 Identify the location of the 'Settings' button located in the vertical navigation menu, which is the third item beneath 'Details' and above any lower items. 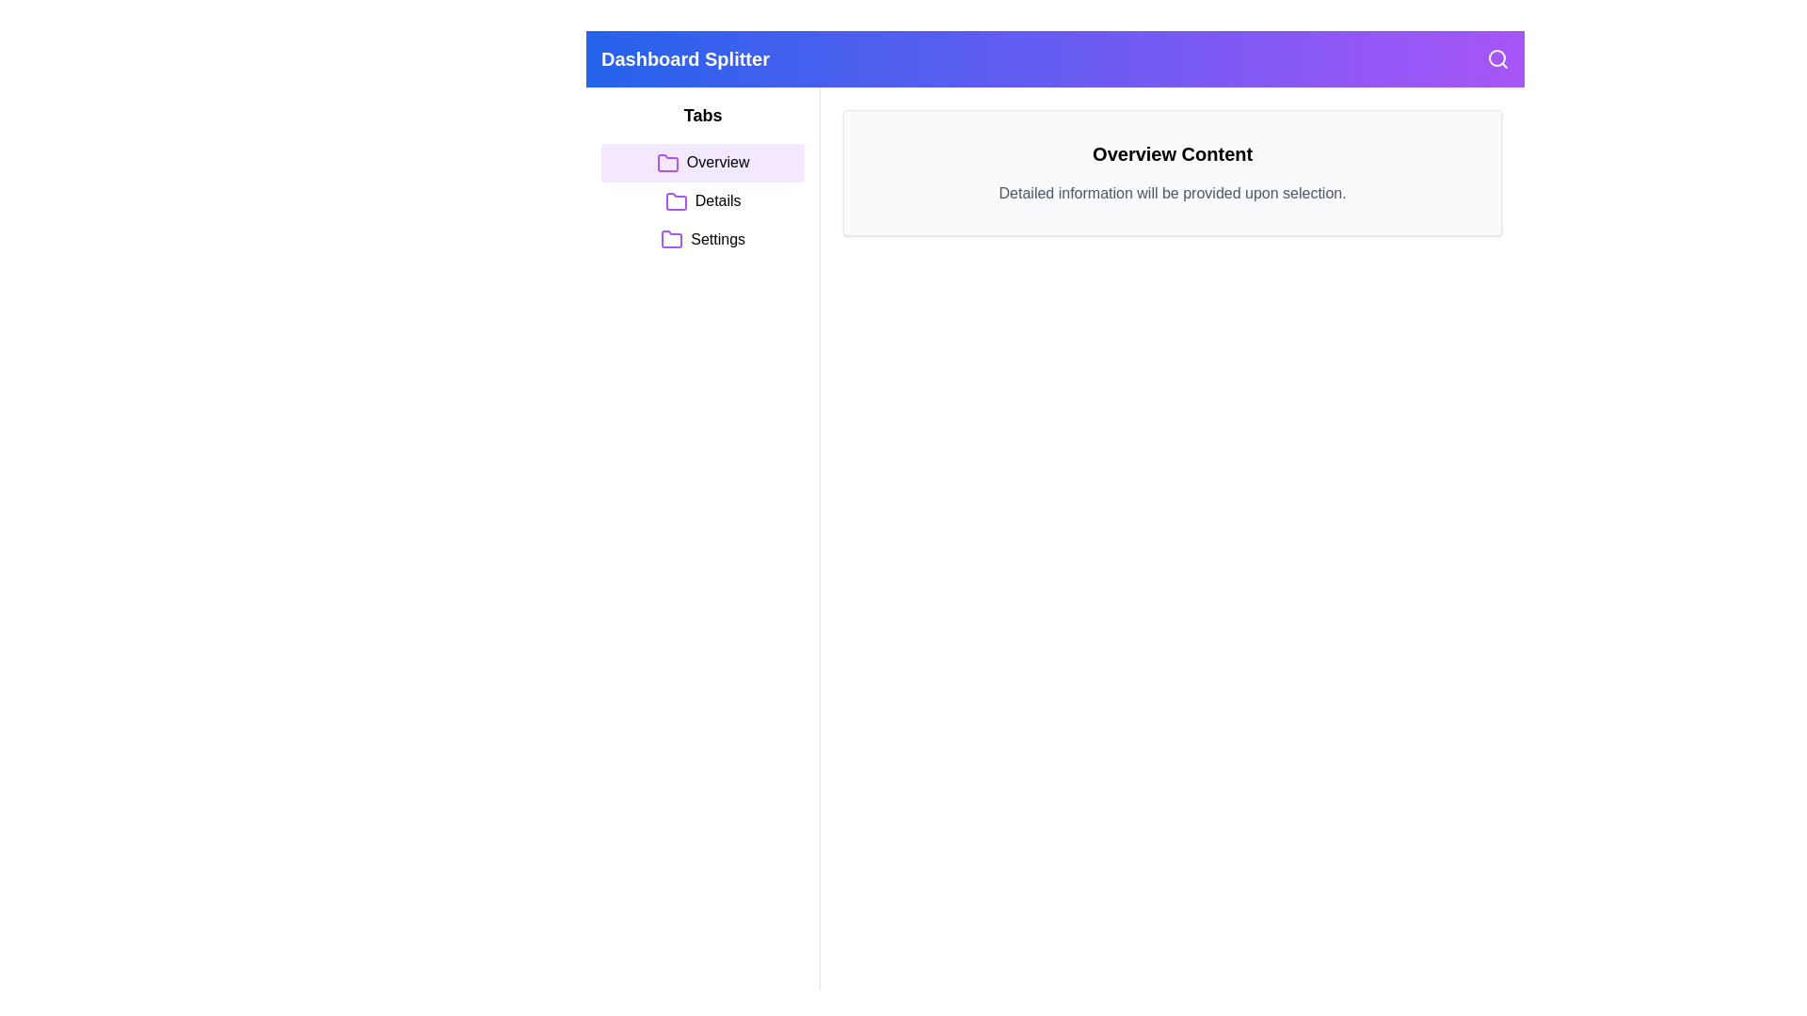
(702, 238).